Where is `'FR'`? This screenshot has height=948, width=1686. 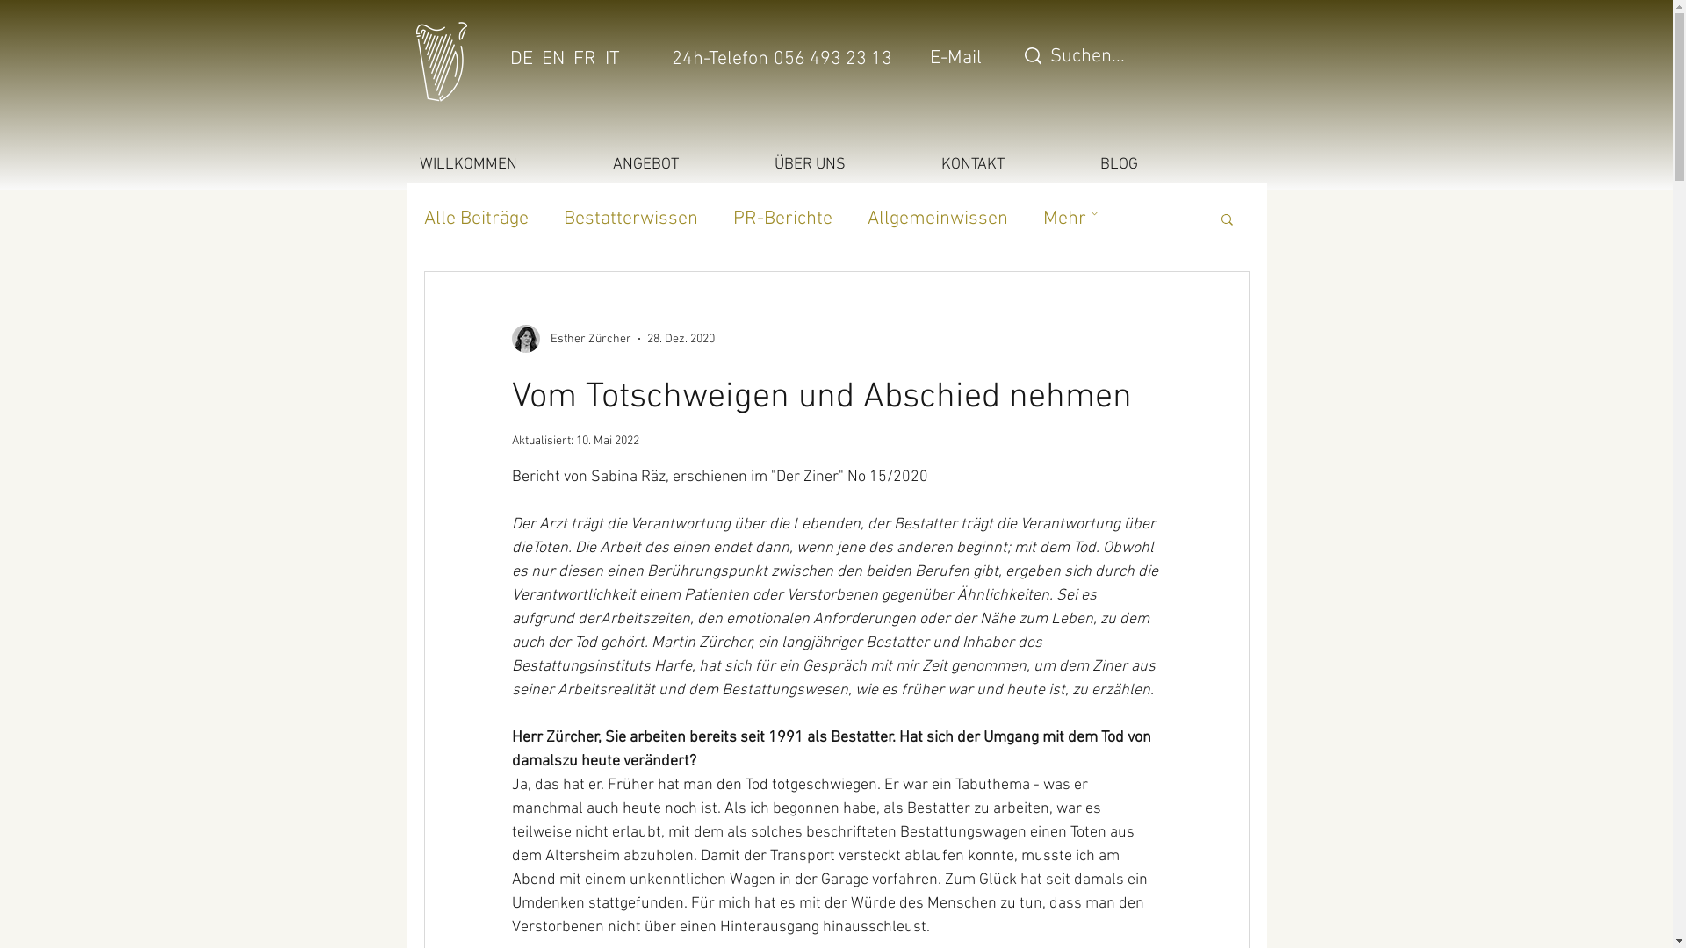
'FR' is located at coordinates (584, 58).